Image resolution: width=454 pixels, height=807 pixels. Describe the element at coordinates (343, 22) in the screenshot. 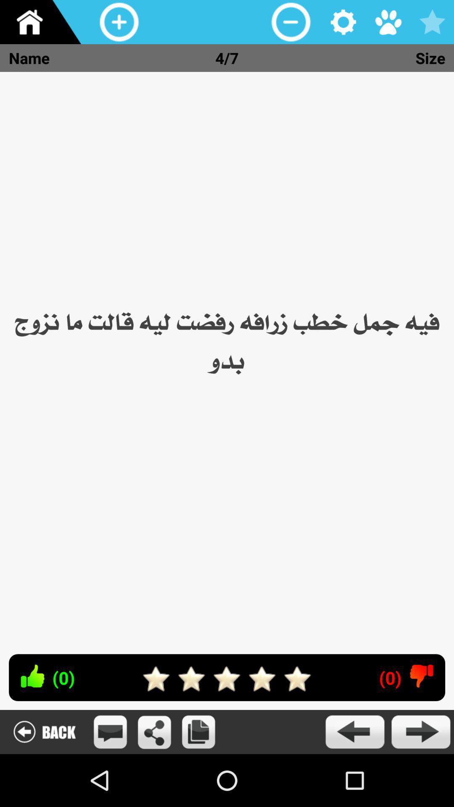

I see `settings option` at that location.